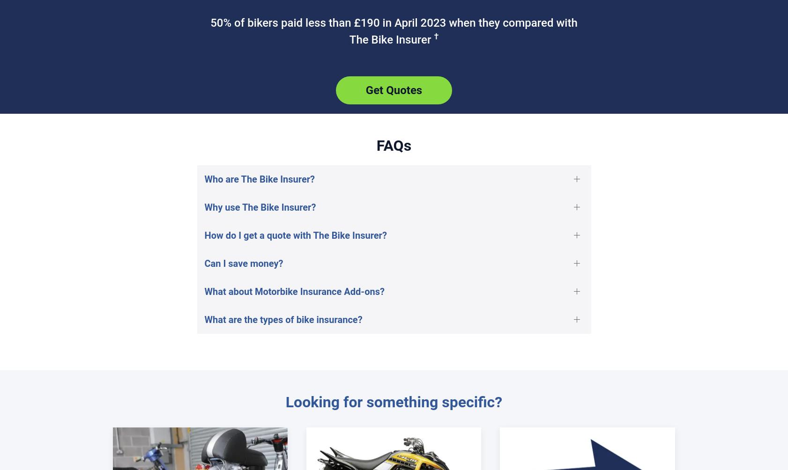 The image size is (788, 470). Describe the element at coordinates (244, 263) in the screenshot. I see `'Can I save money?'` at that location.